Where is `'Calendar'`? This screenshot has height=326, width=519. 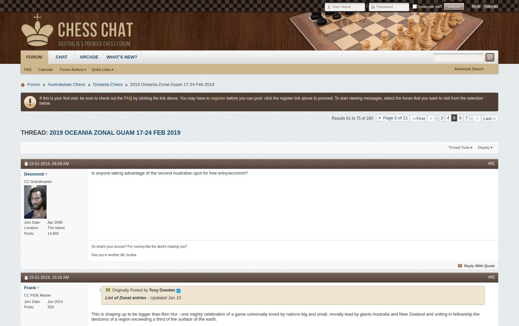
'Calendar' is located at coordinates (45, 69).